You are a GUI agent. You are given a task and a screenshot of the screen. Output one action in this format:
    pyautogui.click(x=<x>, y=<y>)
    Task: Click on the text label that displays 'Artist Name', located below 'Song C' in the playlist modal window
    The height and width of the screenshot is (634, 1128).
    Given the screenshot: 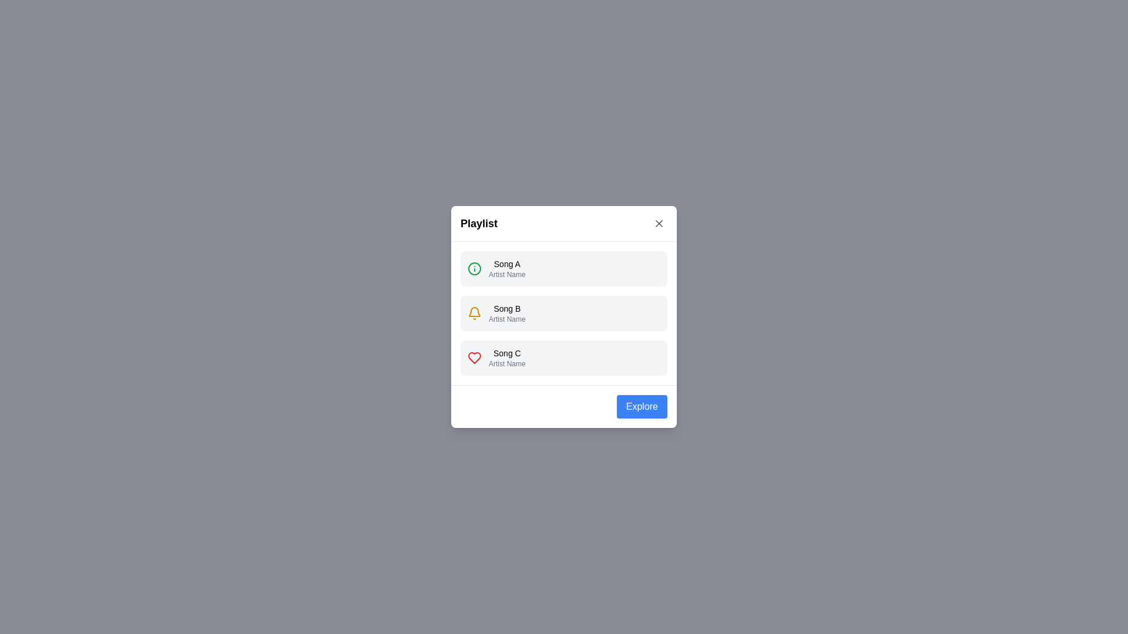 What is the action you would take?
    pyautogui.click(x=507, y=363)
    